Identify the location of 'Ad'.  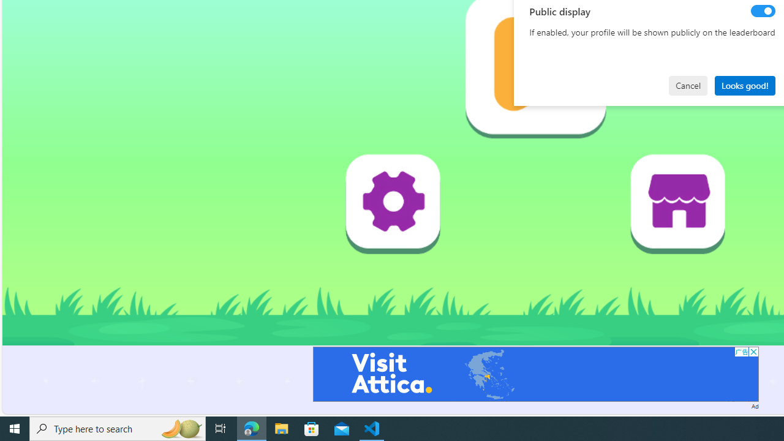
(754, 405).